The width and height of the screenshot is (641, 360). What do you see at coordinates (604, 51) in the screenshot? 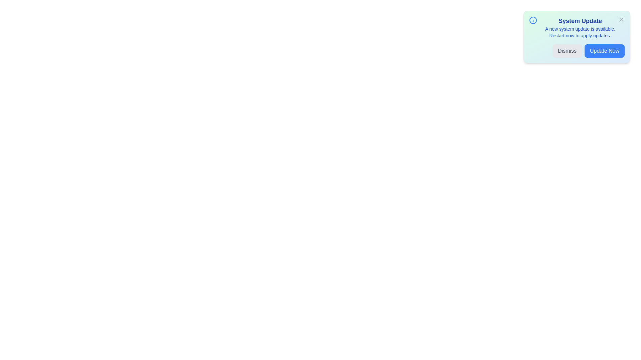
I see `the 'Update Now' button to initiate the system update` at bounding box center [604, 51].